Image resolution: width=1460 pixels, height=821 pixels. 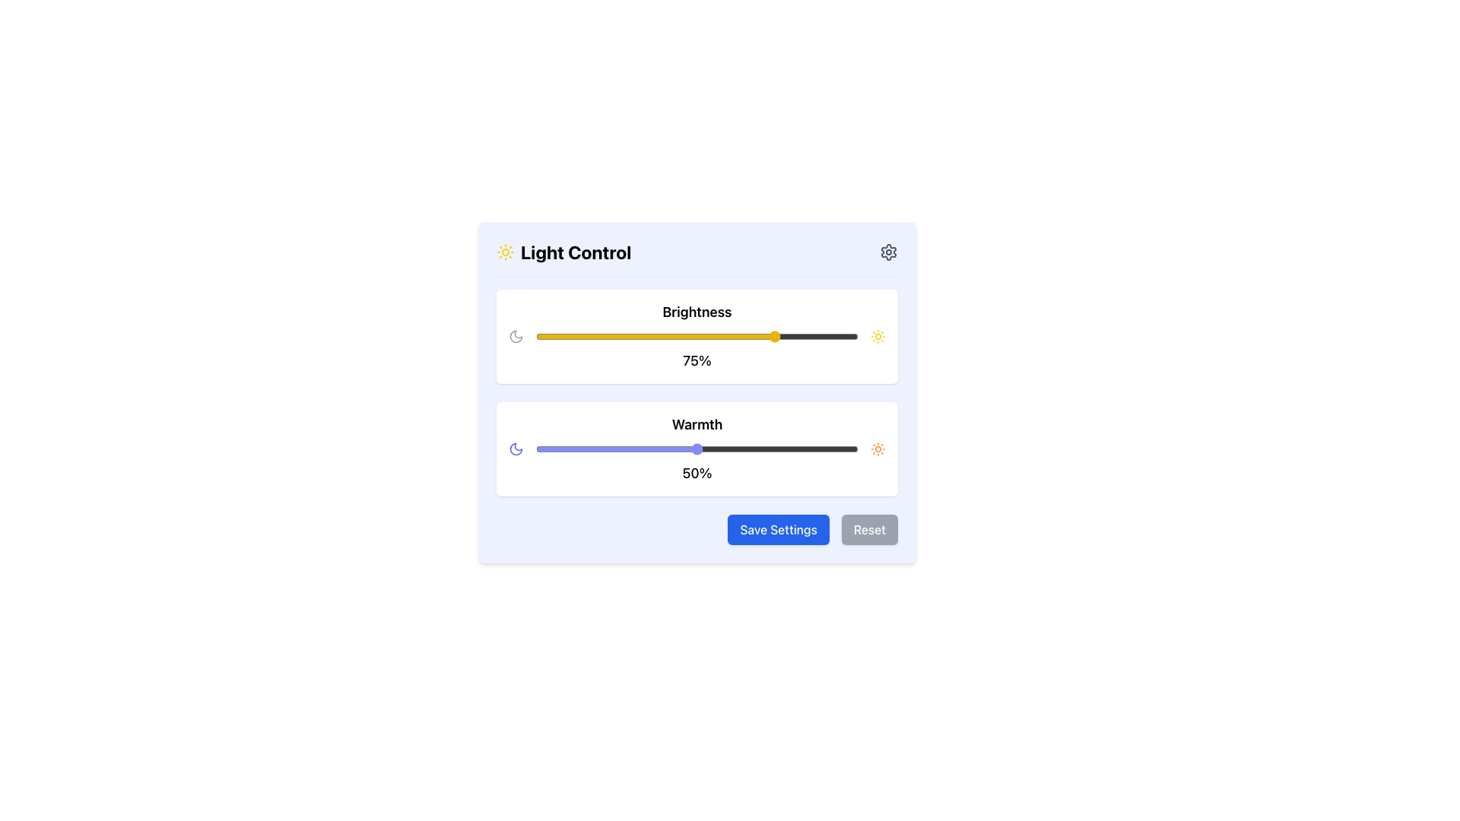 What do you see at coordinates (539, 448) in the screenshot?
I see `the warmth level` at bounding box center [539, 448].